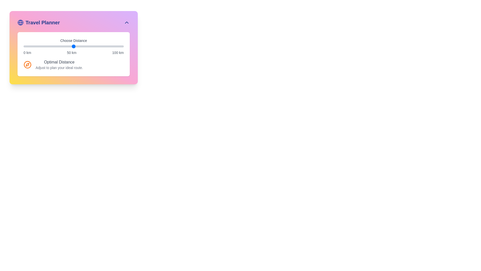 The width and height of the screenshot is (481, 271). What do you see at coordinates (20, 22) in the screenshot?
I see `the central circular shape of the globe icon within the SVG representation` at bounding box center [20, 22].